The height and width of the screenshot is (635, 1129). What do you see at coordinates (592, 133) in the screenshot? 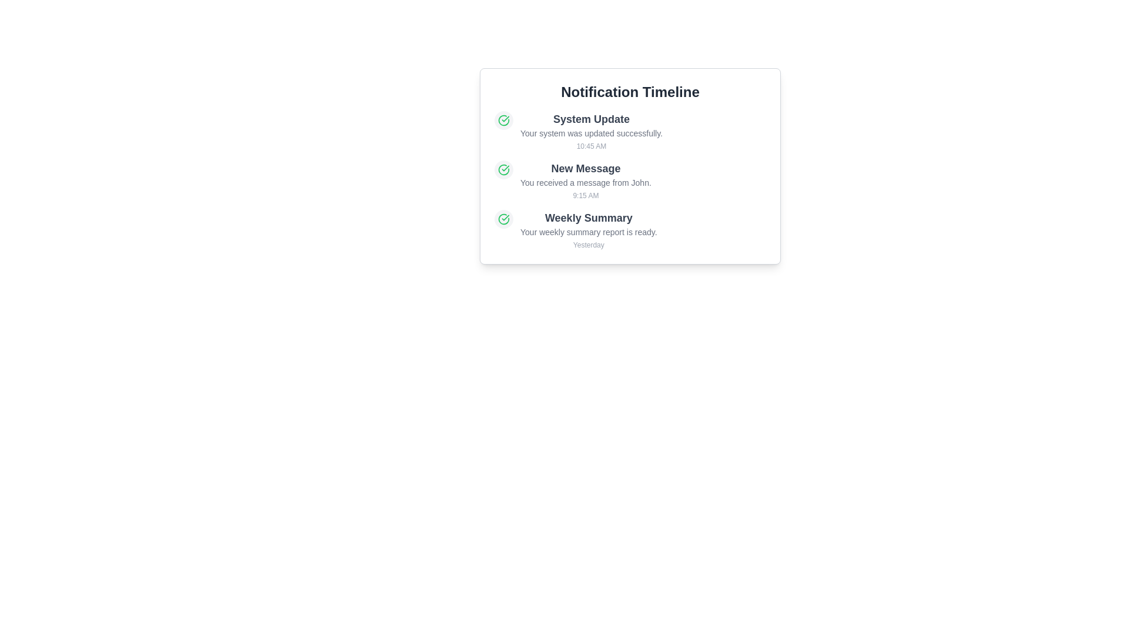
I see `the text snippet reading 'Your system was updated successfully.' located below the bold headline 'System Update' in the notification entry` at bounding box center [592, 133].